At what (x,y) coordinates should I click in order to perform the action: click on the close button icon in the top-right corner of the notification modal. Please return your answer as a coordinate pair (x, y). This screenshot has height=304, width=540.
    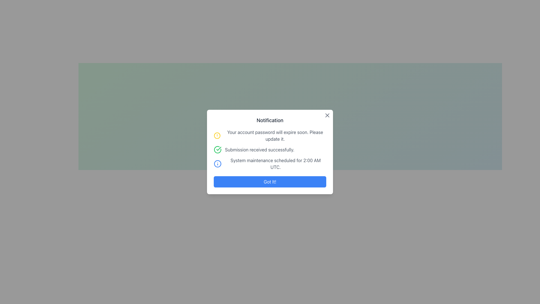
    Looking at the image, I should click on (327, 115).